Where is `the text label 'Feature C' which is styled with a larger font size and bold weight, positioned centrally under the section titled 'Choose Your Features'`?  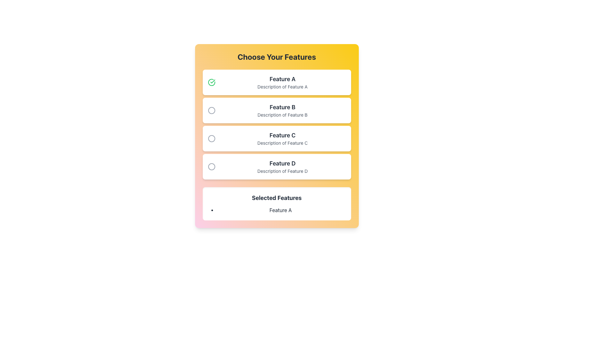
the text label 'Feature C' which is styled with a larger font size and bold weight, positioned centrally under the section titled 'Choose Your Features' is located at coordinates (282, 135).